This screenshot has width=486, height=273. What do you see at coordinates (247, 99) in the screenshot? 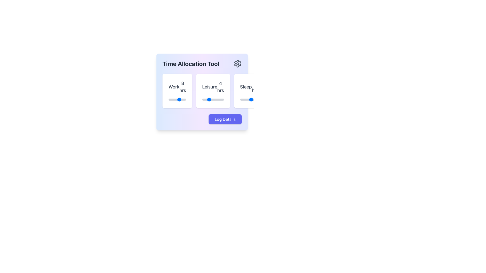
I see `sleep hours` at bounding box center [247, 99].